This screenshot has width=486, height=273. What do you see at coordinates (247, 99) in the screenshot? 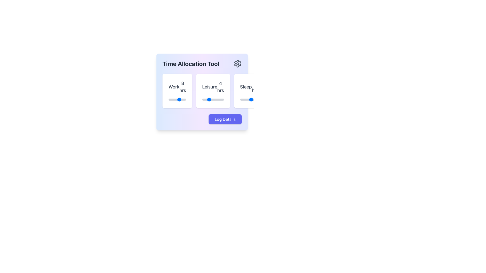
I see `sleep hours` at bounding box center [247, 99].